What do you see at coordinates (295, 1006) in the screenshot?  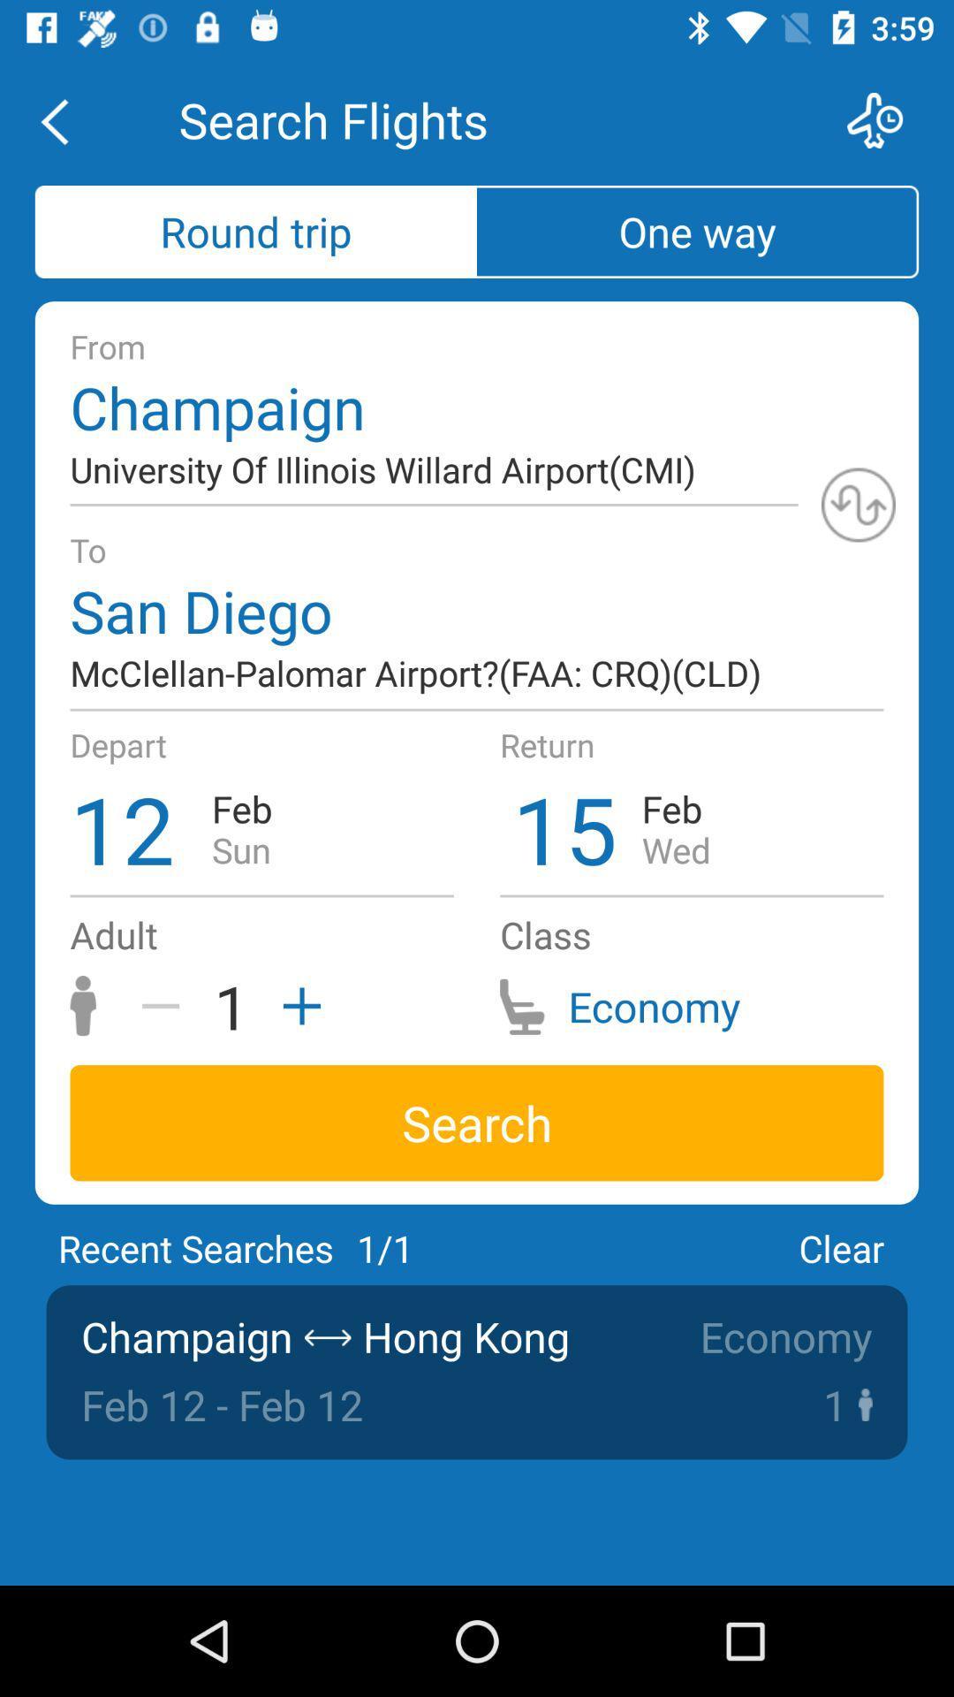 I see `passengers` at bounding box center [295, 1006].